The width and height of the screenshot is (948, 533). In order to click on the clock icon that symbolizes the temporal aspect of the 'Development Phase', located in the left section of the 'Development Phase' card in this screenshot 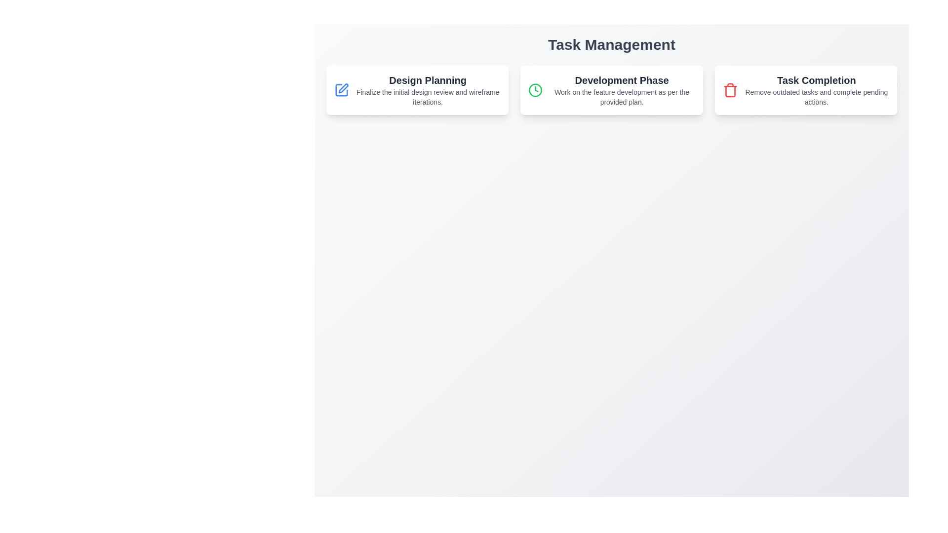, I will do `click(535, 90)`.